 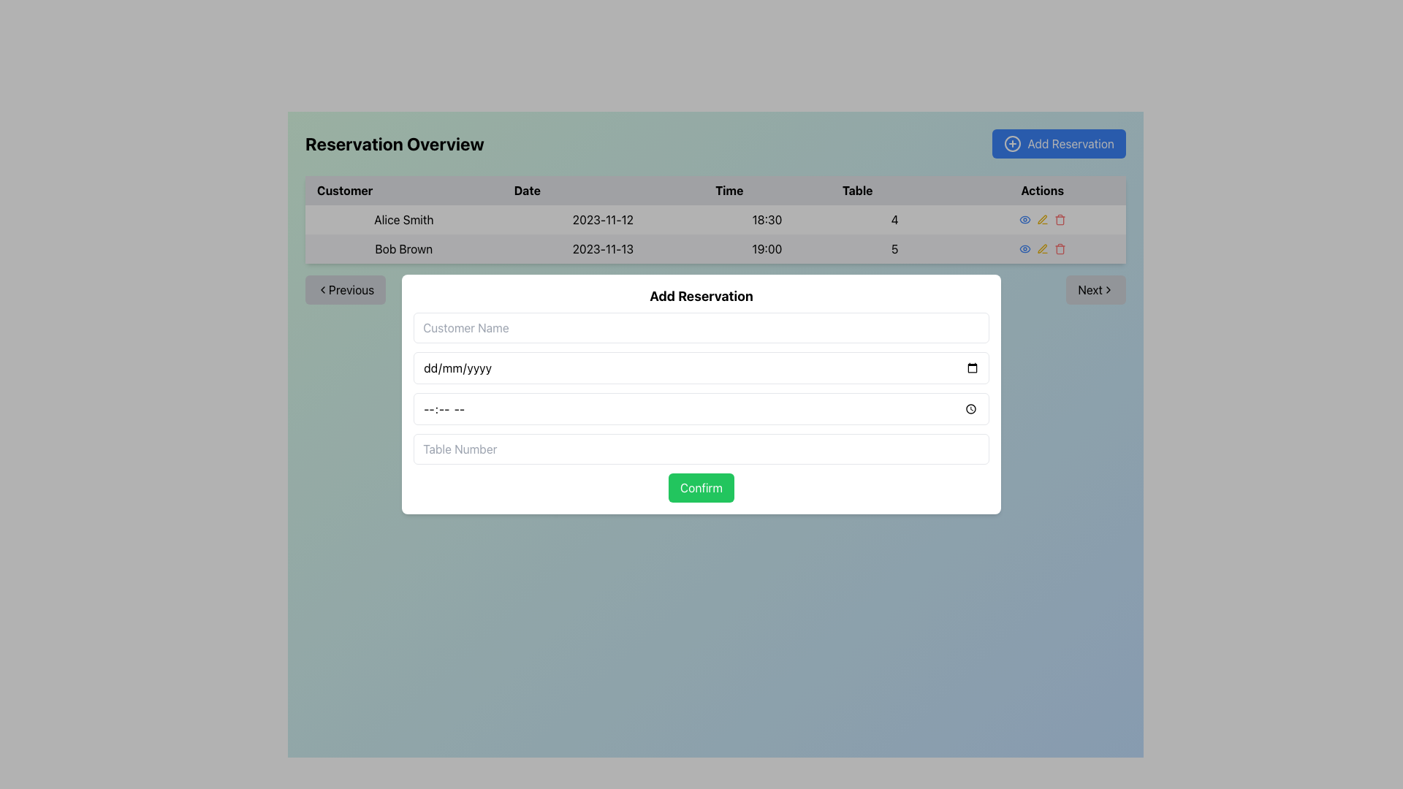 I want to click on the date text '2023-11-13' located in the second row and second column of the reservation overview table, adjacent to '19:00' and 'Bob Brown', so click(x=603, y=248).